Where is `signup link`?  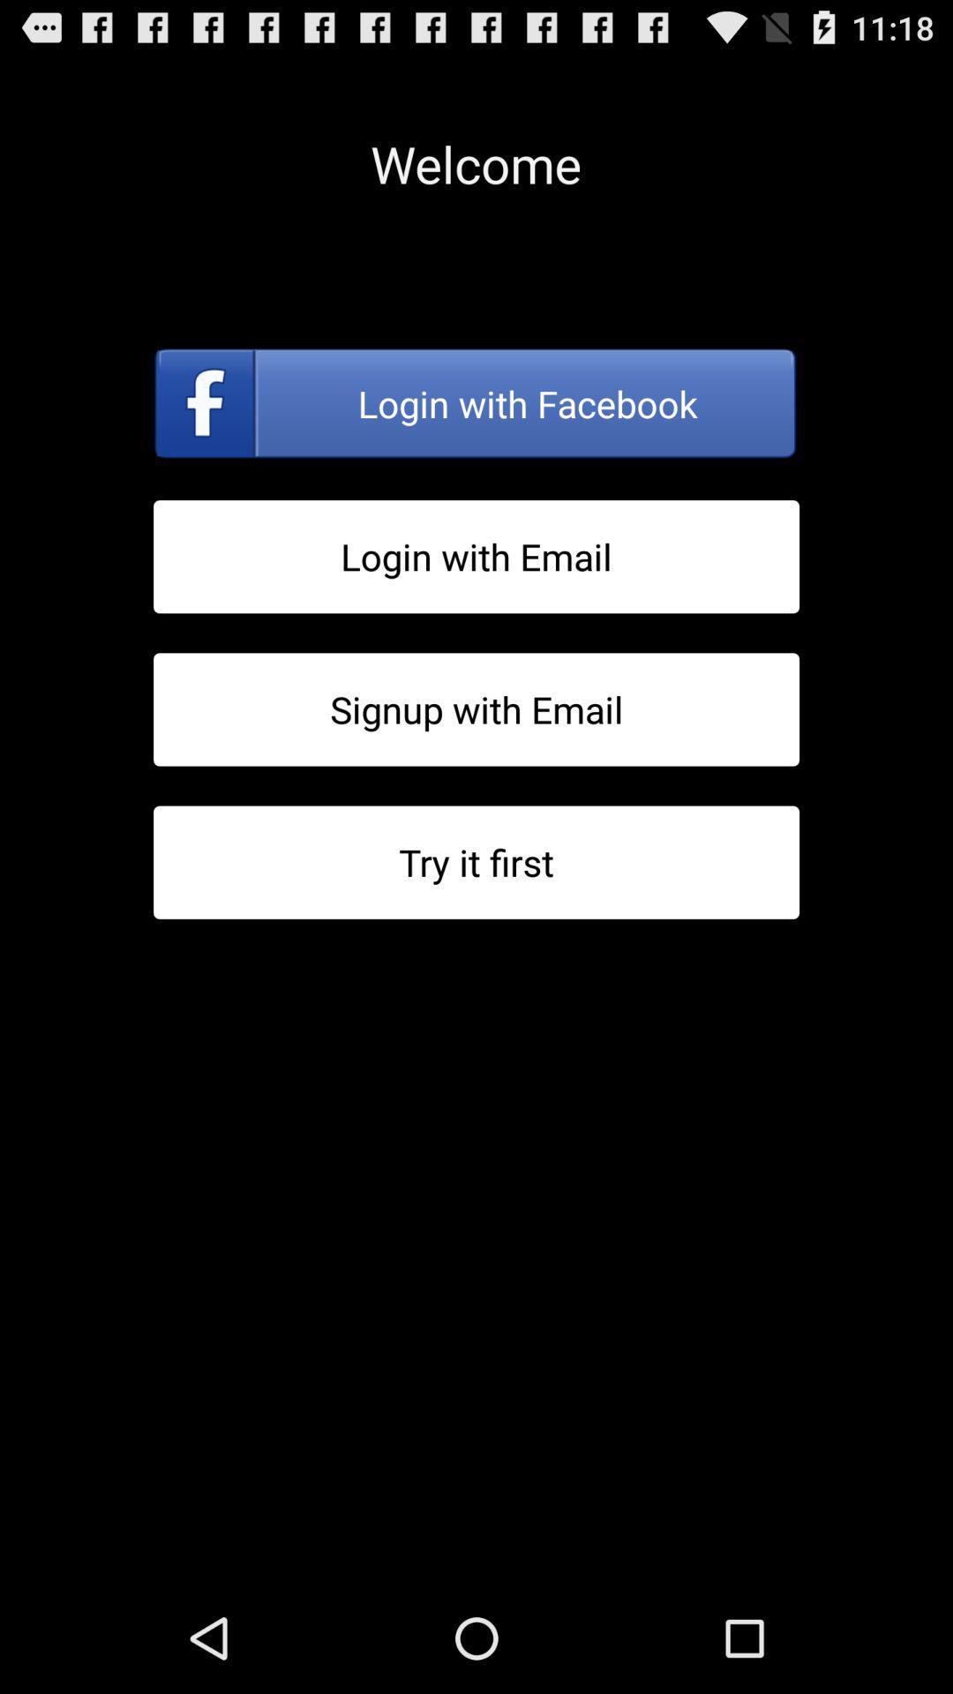
signup link is located at coordinates (476, 709).